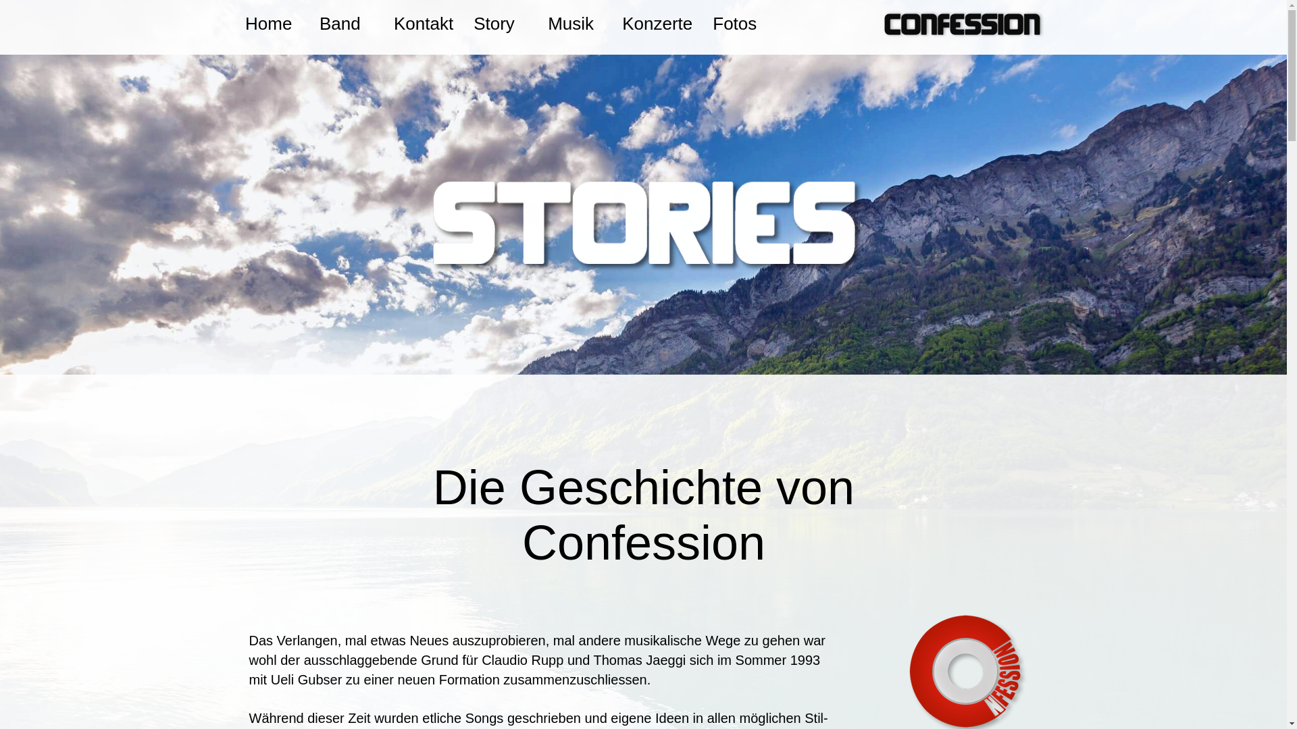  I want to click on 'Musik', so click(574, 23).